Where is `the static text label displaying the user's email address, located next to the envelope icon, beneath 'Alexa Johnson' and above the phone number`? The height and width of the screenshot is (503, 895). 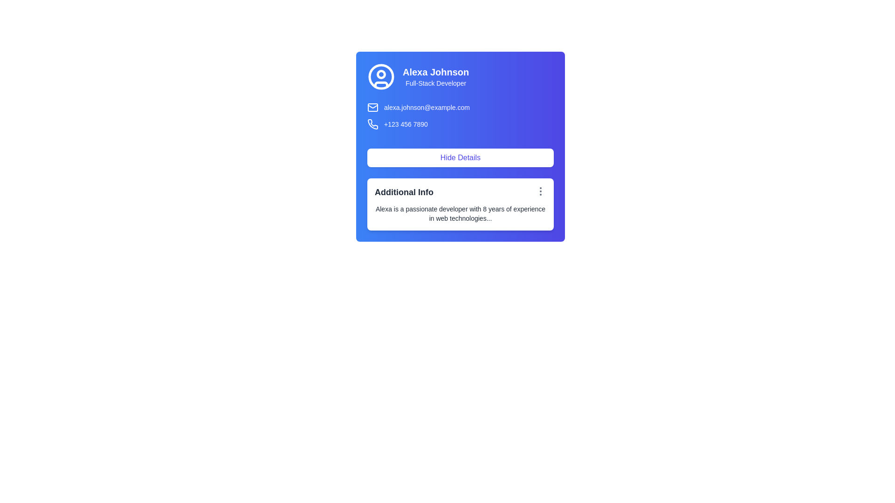 the static text label displaying the user's email address, located next to the envelope icon, beneath 'Alexa Johnson' and above the phone number is located at coordinates (427, 107).